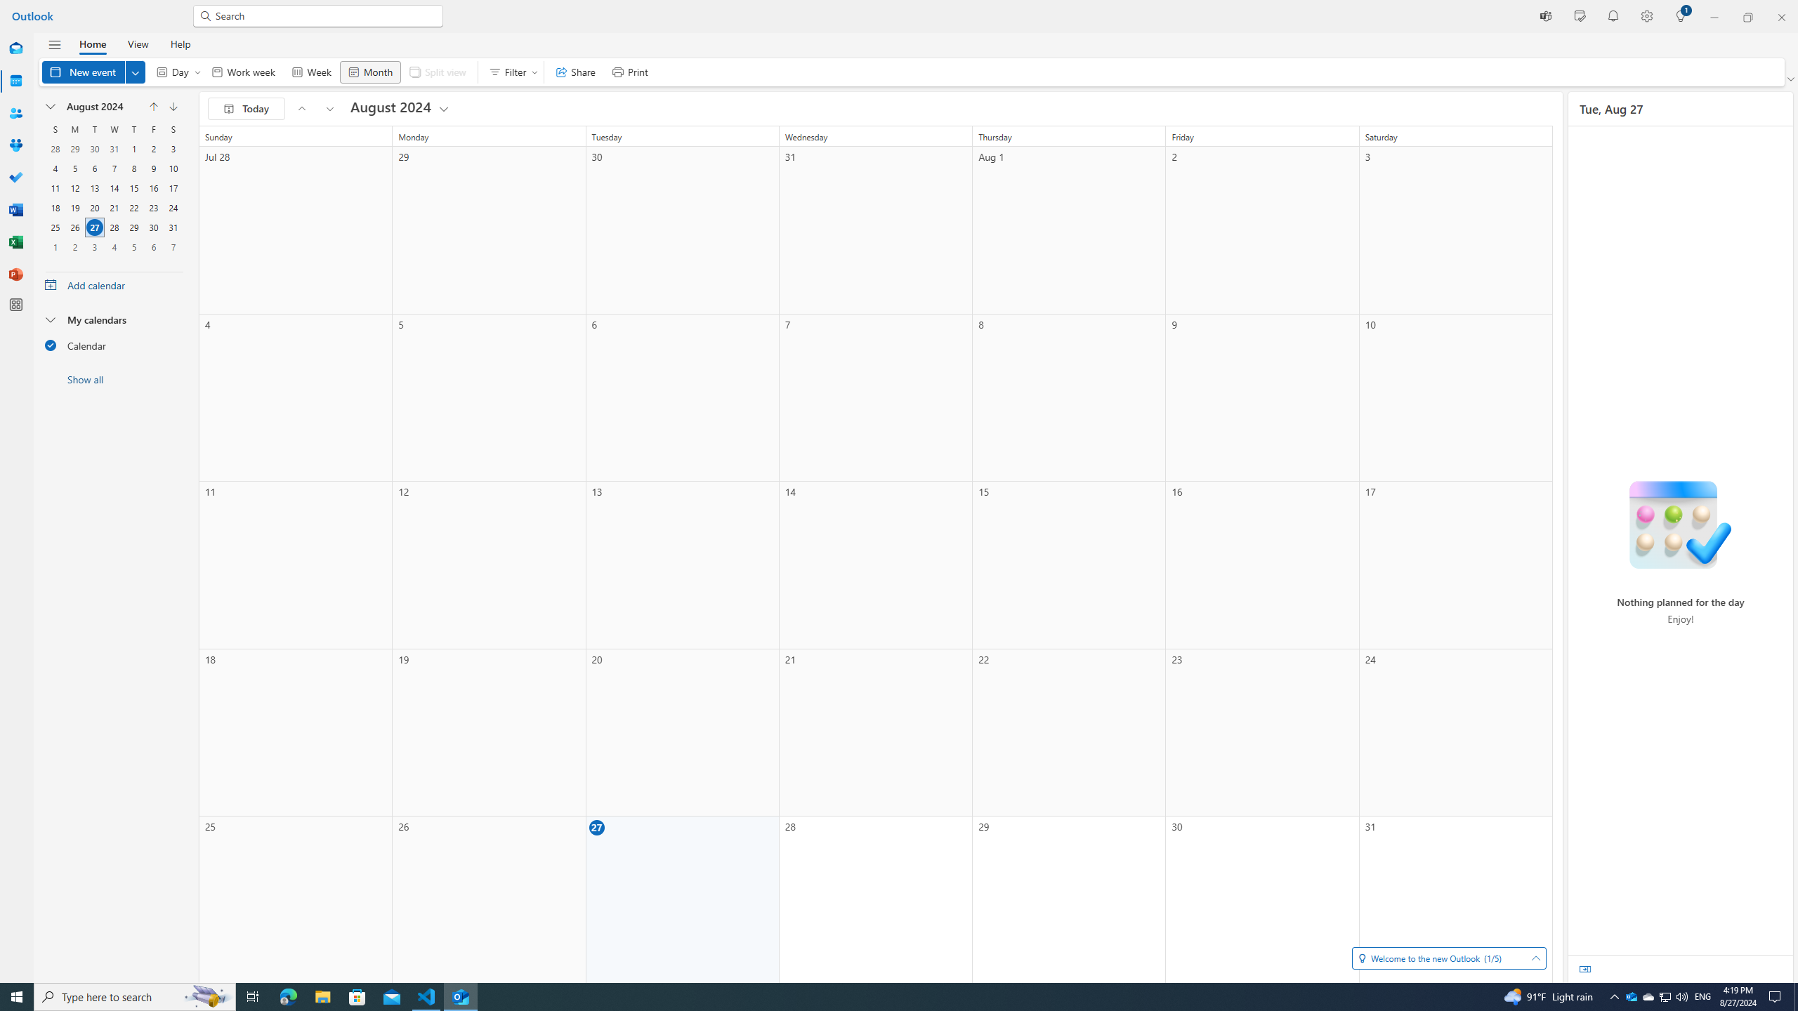 The width and height of the screenshot is (1798, 1011). Describe the element at coordinates (1795, 996) in the screenshot. I see `'Show desktop'` at that location.